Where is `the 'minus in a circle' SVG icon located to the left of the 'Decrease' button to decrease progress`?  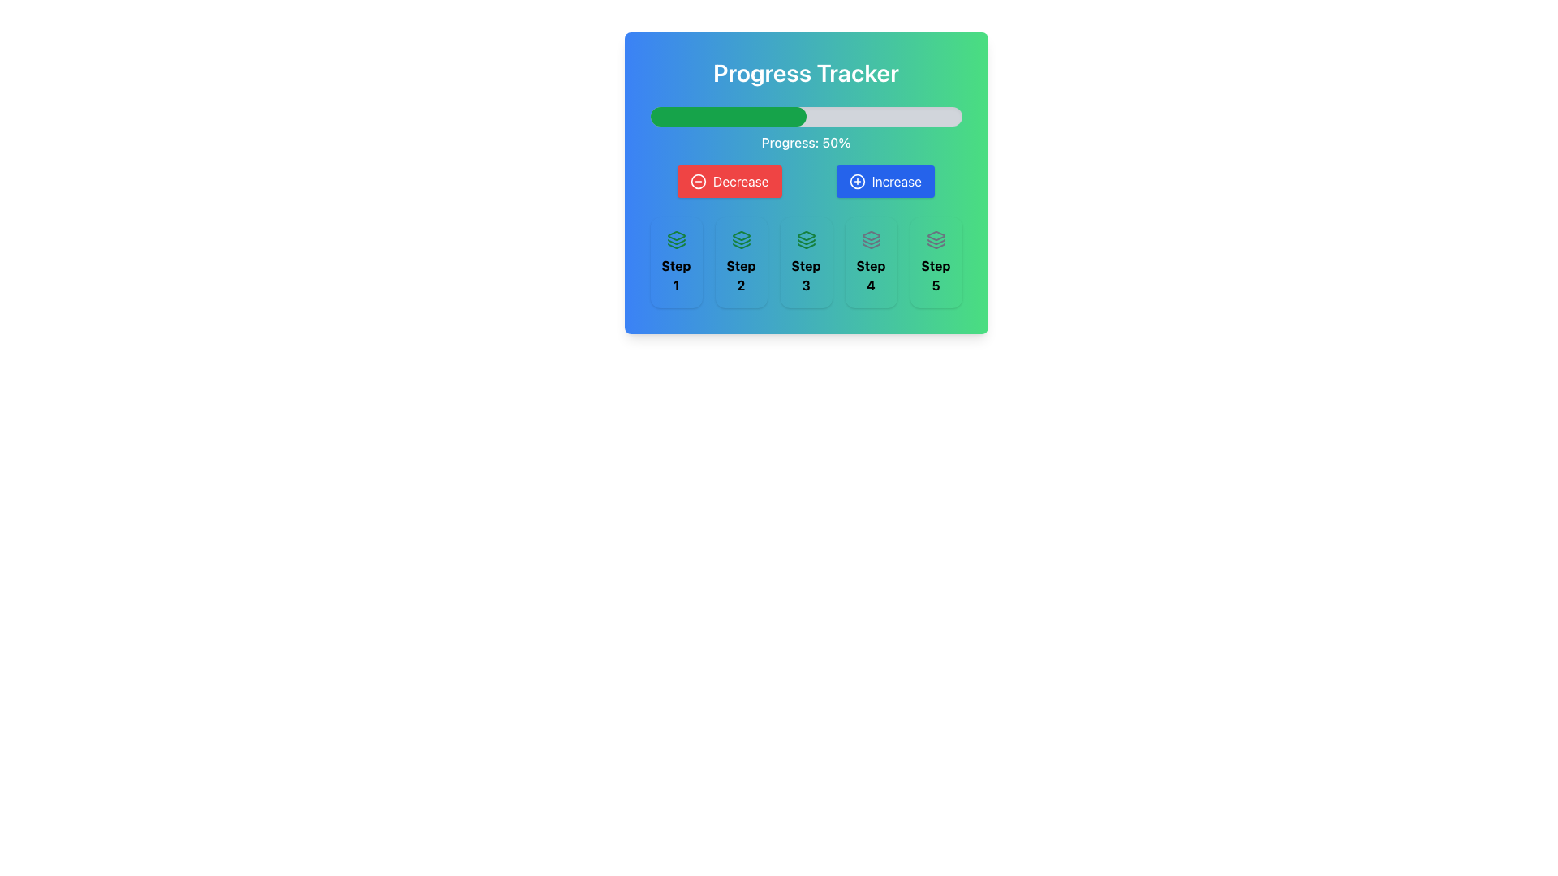 the 'minus in a circle' SVG icon located to the left of the 'Decrease' button to decrease progress is located at coordinates (698, 181).